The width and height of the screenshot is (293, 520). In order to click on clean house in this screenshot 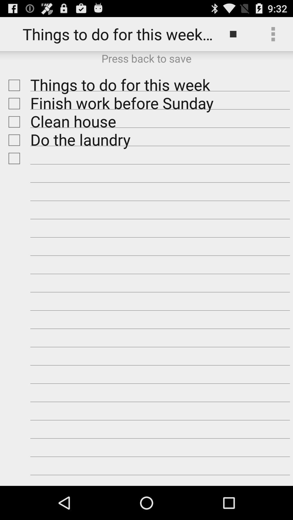, I will do `click(12, 122)`.